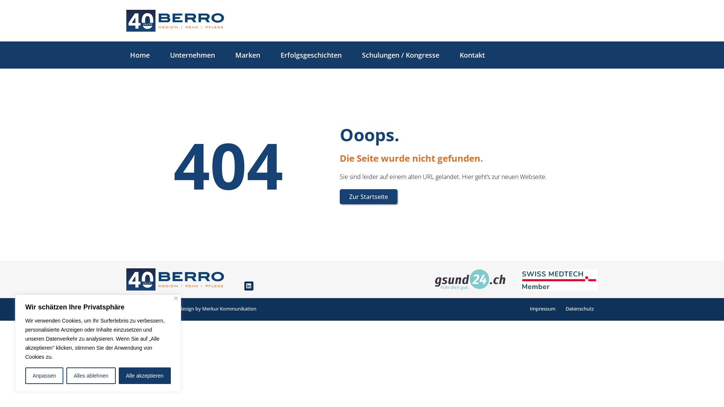  What do you see at coordinates (169, 308) in the screenshot?
I see `'Webdesign by Merkur Kommunikation'` at bounding box center [169, 308].